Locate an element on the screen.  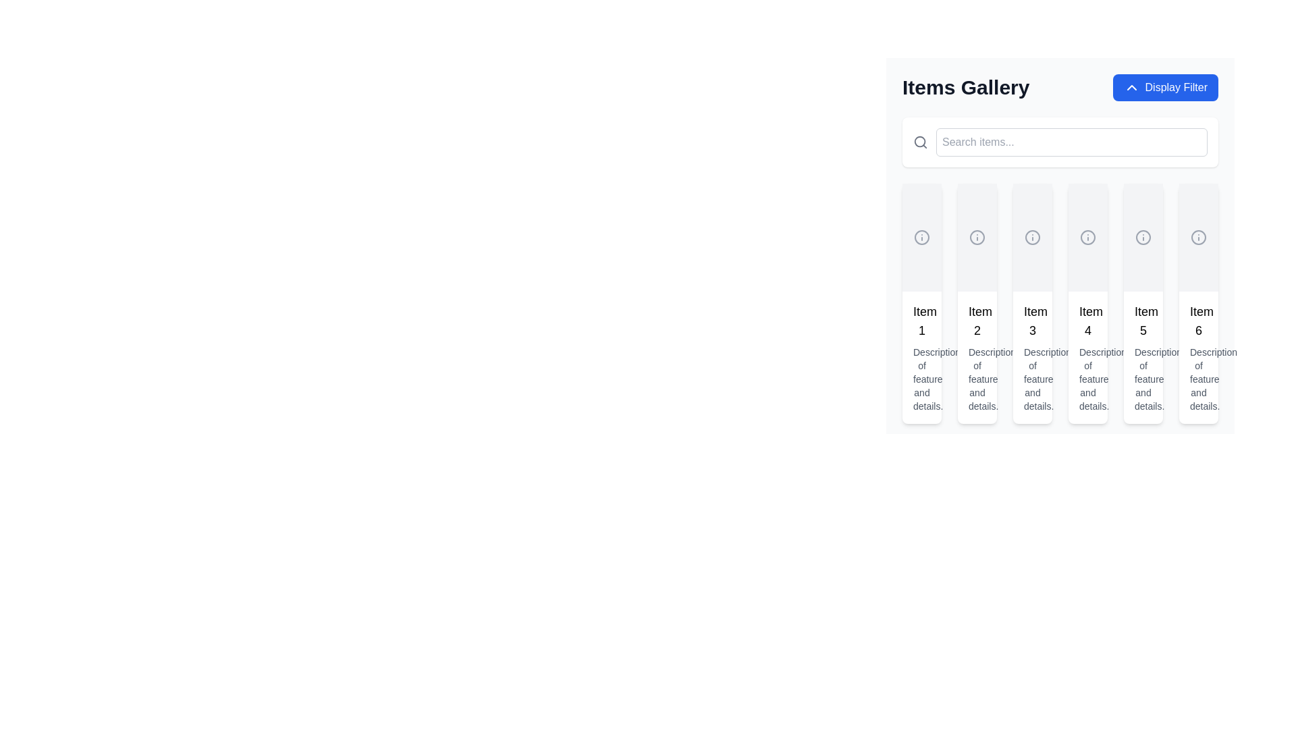
the third list item in the 'Items Gallery' section, which displays a title and description, positioned between 'Item 2' and 'Item 4' is located at coordinates (1032, 356).